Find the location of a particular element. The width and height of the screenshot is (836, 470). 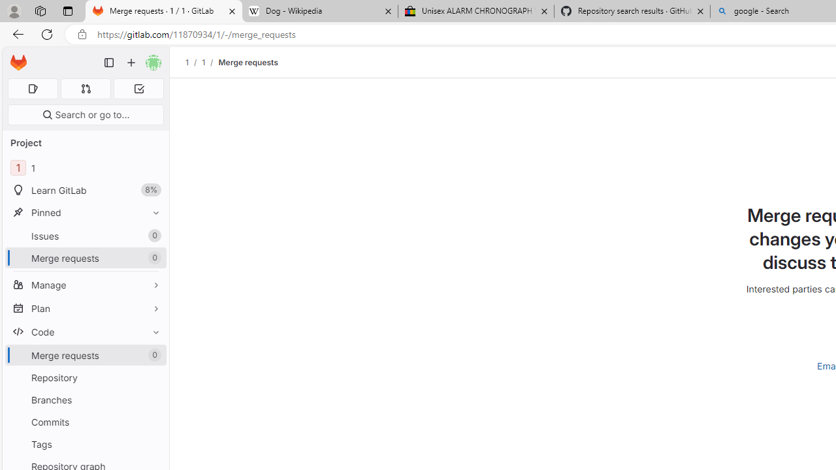

'Commits' is located at coordinates (85, 422).